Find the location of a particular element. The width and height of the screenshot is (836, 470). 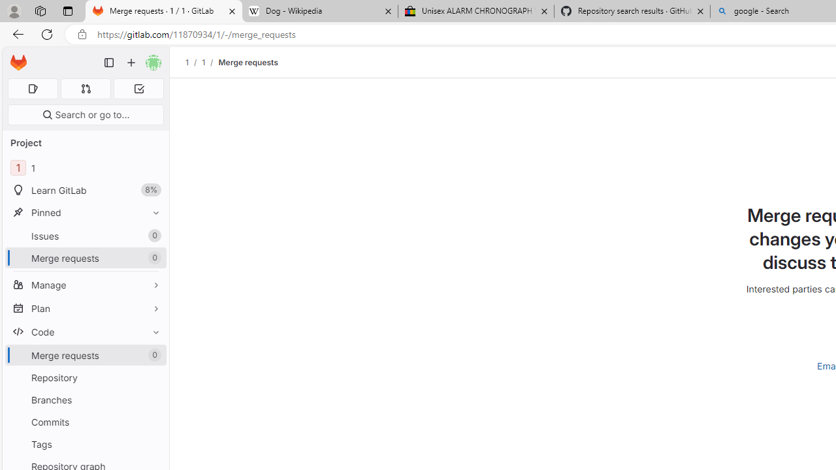

'Commits' is located at coordinates (85, 422).